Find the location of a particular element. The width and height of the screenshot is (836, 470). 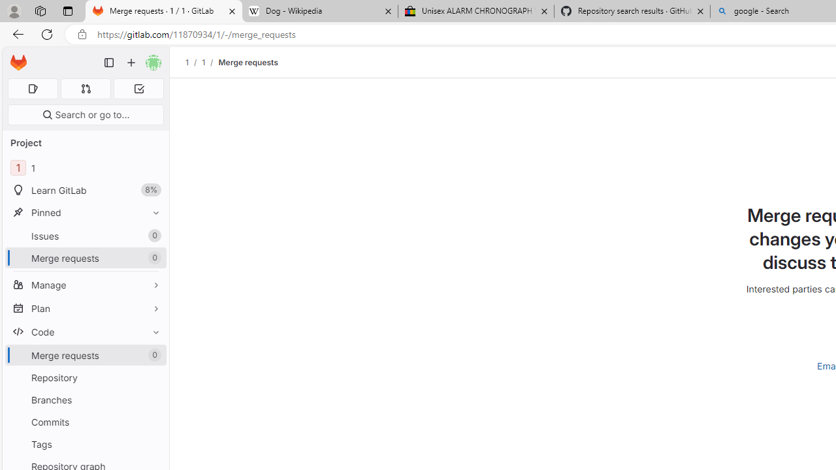

'Commits' is located at coordinates (85, 422).